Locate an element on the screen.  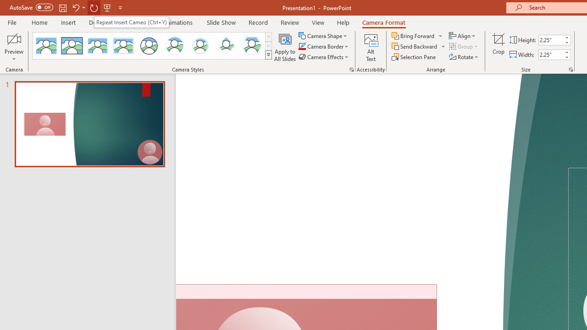
'Soft Edge Circle' is located at coordinates (200, 46).